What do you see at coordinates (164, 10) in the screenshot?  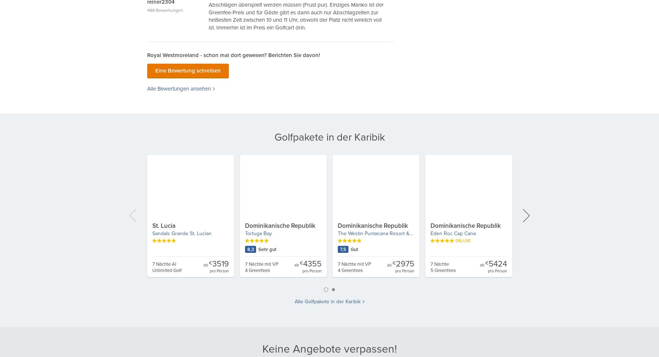 I see `'488 Bewertungen'` at bounding box center [164, 10].